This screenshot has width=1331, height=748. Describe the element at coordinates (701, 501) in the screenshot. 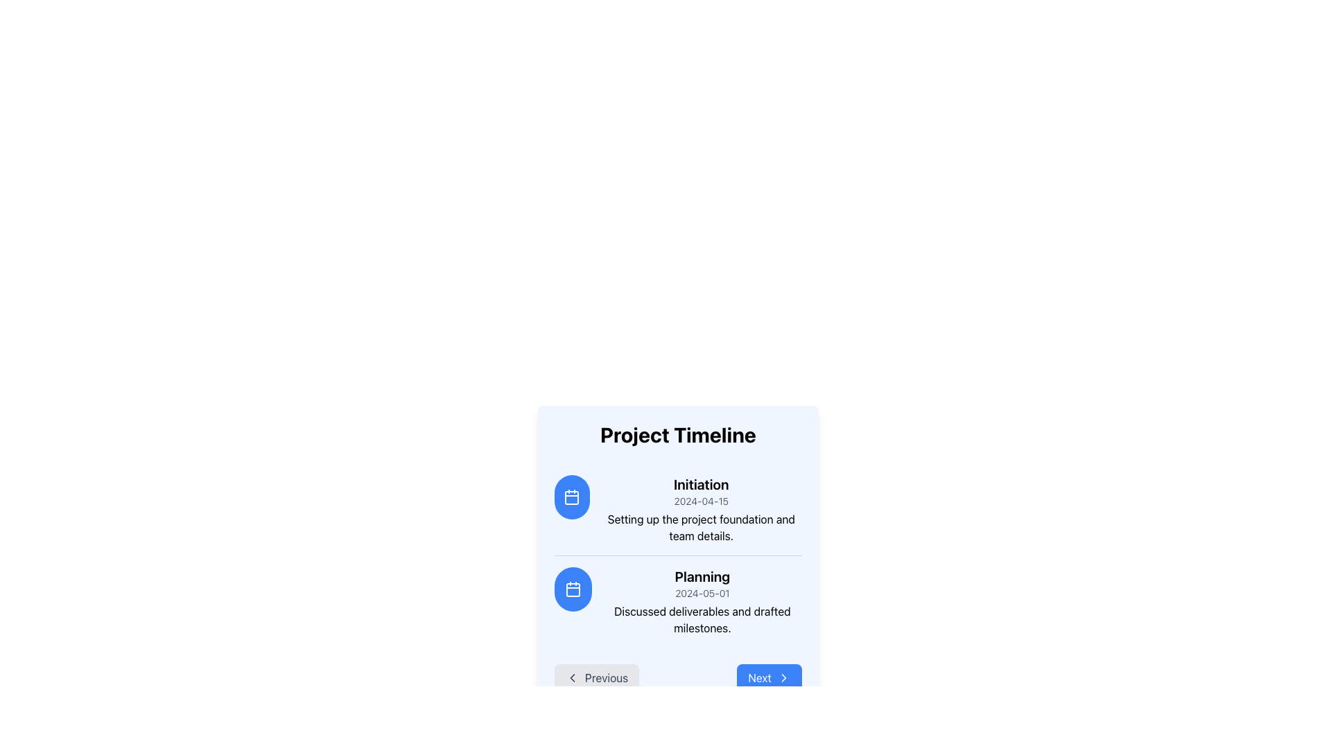

I see `the date text element displaying '2024-04-15', which has a light font style and is positioned below 'Initiation'` at that location.